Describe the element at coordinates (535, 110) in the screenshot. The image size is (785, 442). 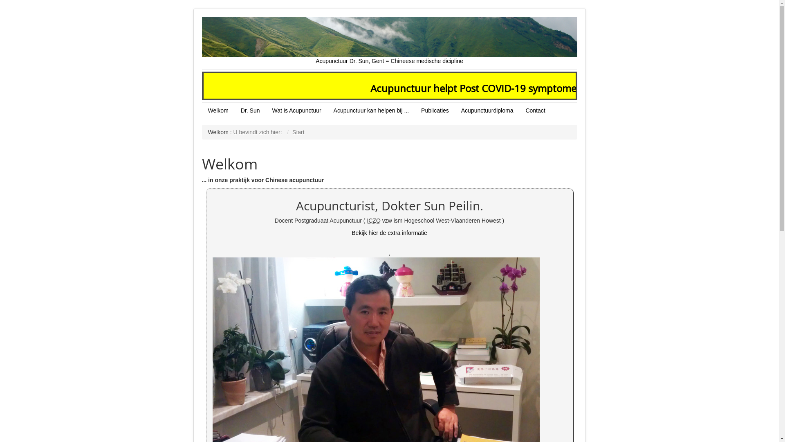
I see `'Contact'` at that location.